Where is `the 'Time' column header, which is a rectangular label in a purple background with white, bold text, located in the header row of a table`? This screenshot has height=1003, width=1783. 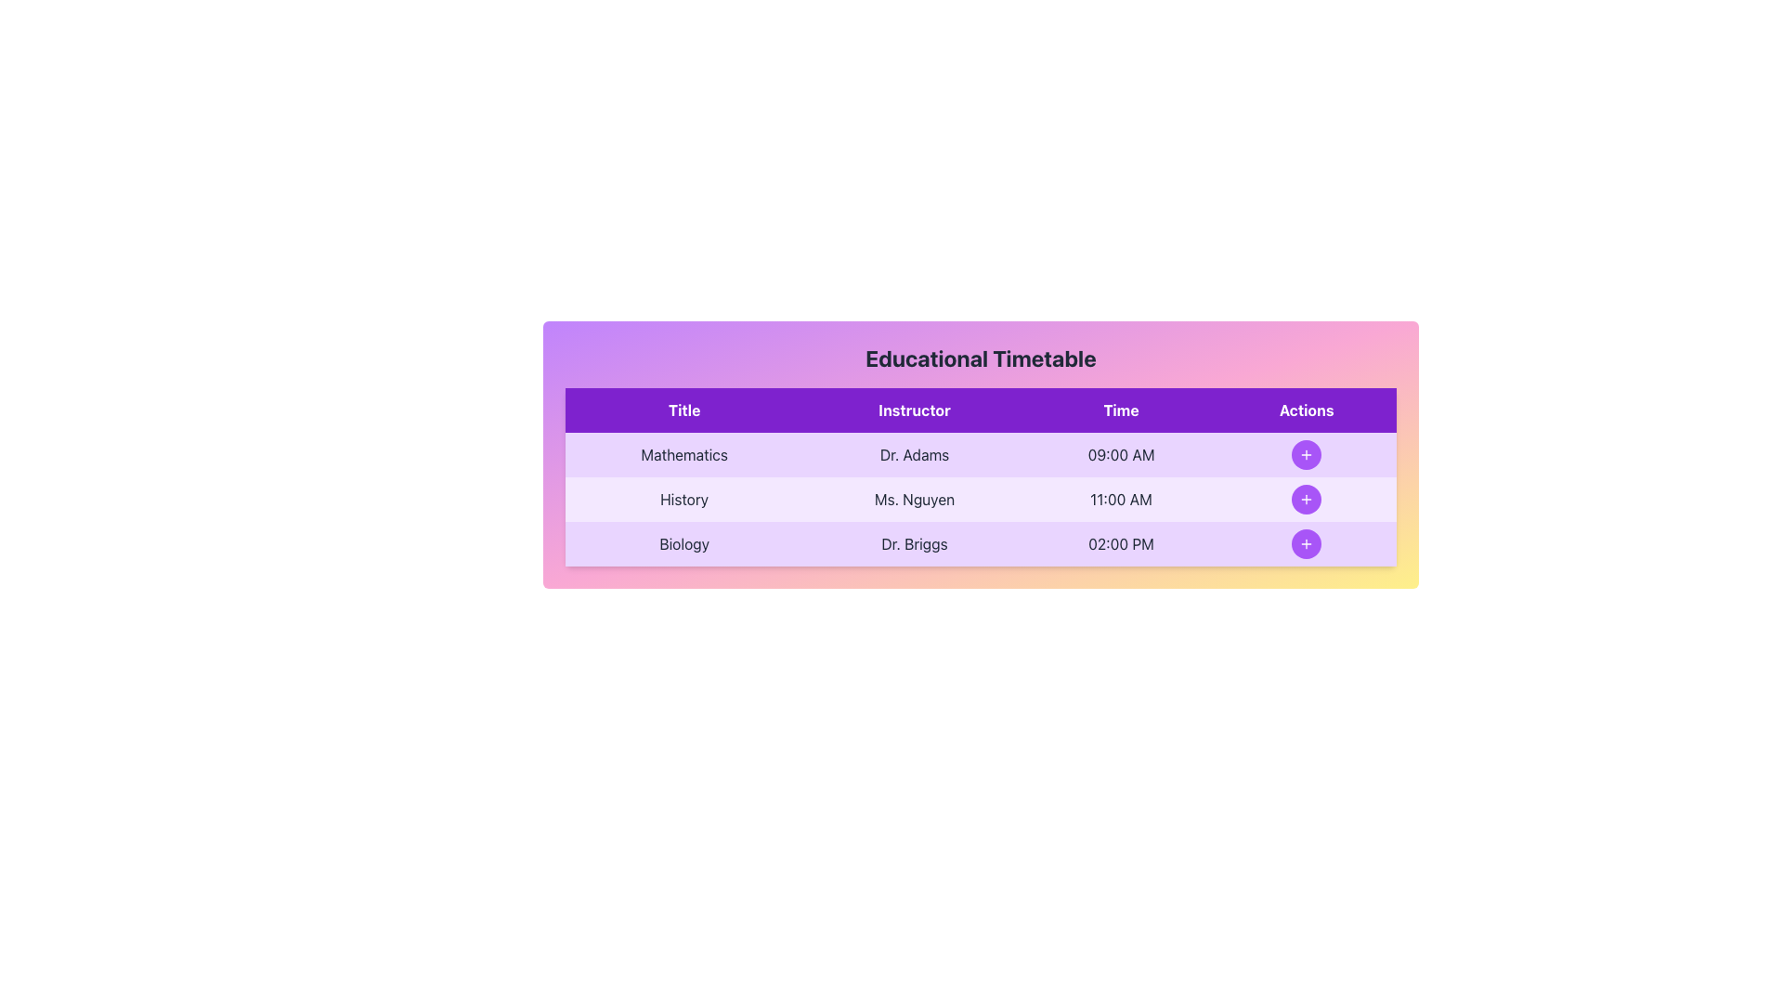 the 'Time' column header, which is a rectangular label in a purple background with white, bold text, located in the header row of a table is located at coordinates (1120, 410).